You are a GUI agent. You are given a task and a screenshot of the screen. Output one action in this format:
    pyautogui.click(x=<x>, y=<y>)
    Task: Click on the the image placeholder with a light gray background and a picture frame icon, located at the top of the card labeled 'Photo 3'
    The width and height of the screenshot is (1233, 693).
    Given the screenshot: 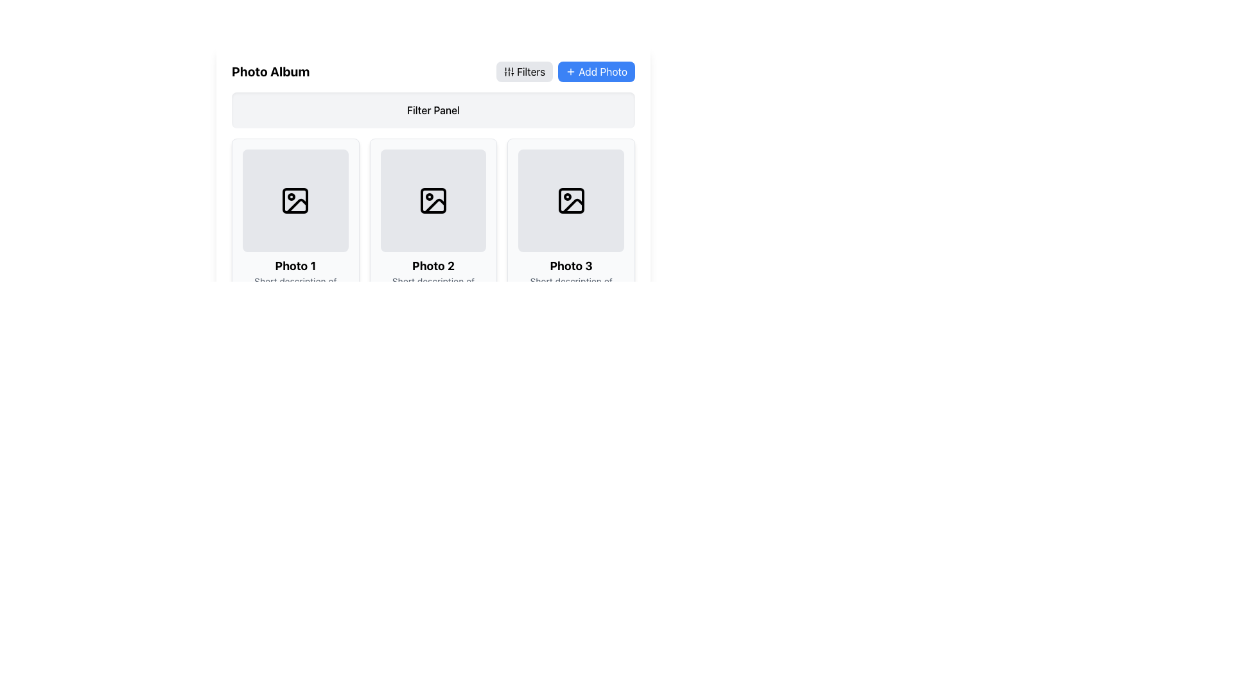 What is the action you would take?
    pyautogui.click(x=570, y=200)
    